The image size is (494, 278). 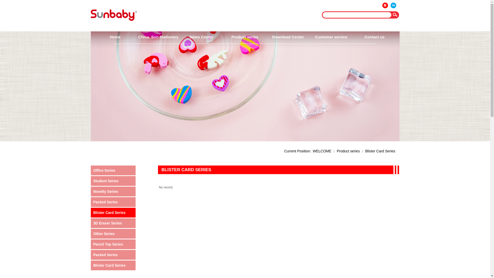 I want to click on 'Contact us', so click(x=374, y=37).